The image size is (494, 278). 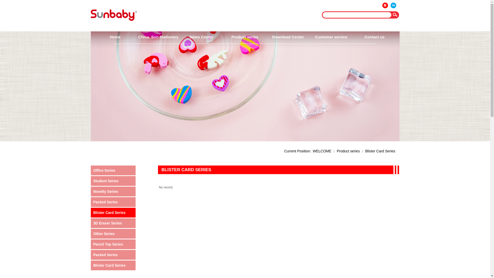 I want to click on 'Contact us', so click(x=374, y=37).